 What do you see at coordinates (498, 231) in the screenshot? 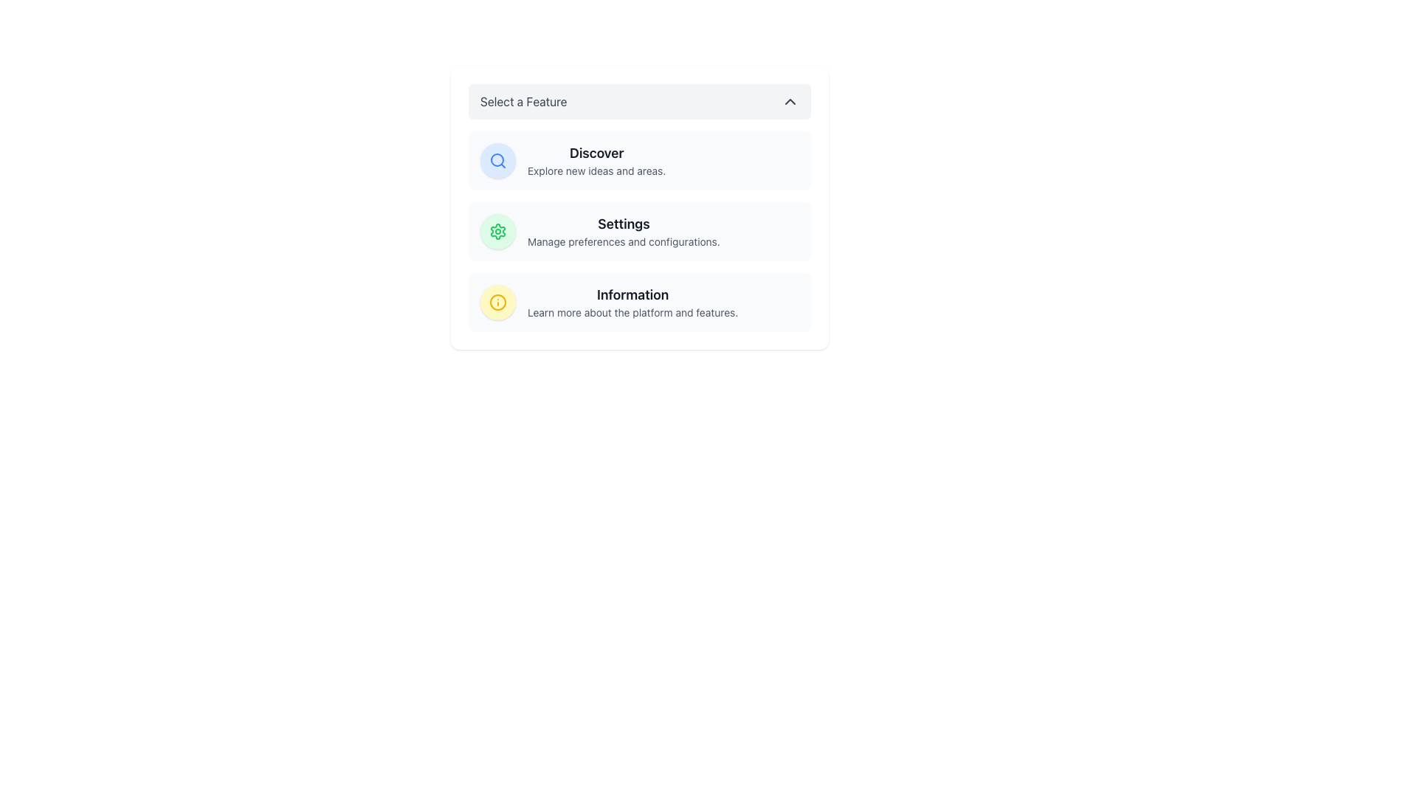
I see `the settings icon, which symbolizes settings or configurations, located on the left side of the 'Settings' option in the feature menu` at bounding box center [498, 231].